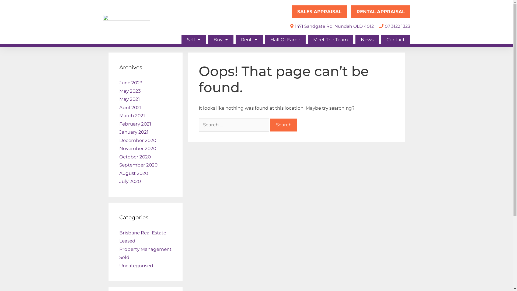 This screenshot has width=517, height=291. Describe the element at coordinates (221, 39) in the screenshot. I see `'Buy'` at that location.